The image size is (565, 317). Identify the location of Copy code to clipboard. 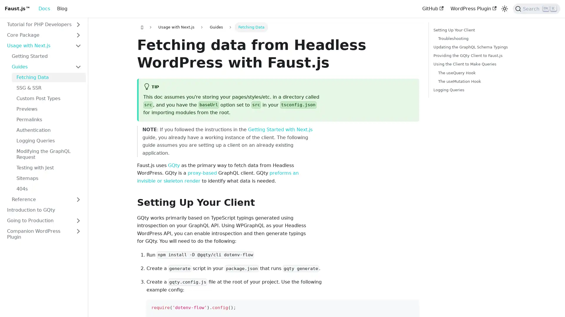
(411, 306).